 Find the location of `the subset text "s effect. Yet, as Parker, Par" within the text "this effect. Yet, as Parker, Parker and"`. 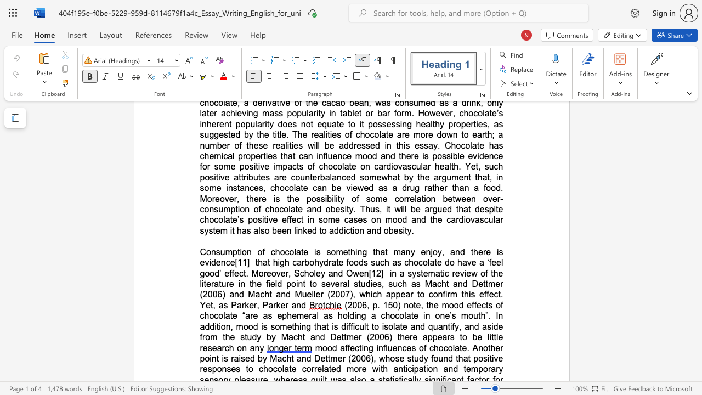

the subset text "s effect. Yet, as Parker, Par" within the text "this effect. Yet, as Parker, Parker and" is located at coordinates (471, 294).